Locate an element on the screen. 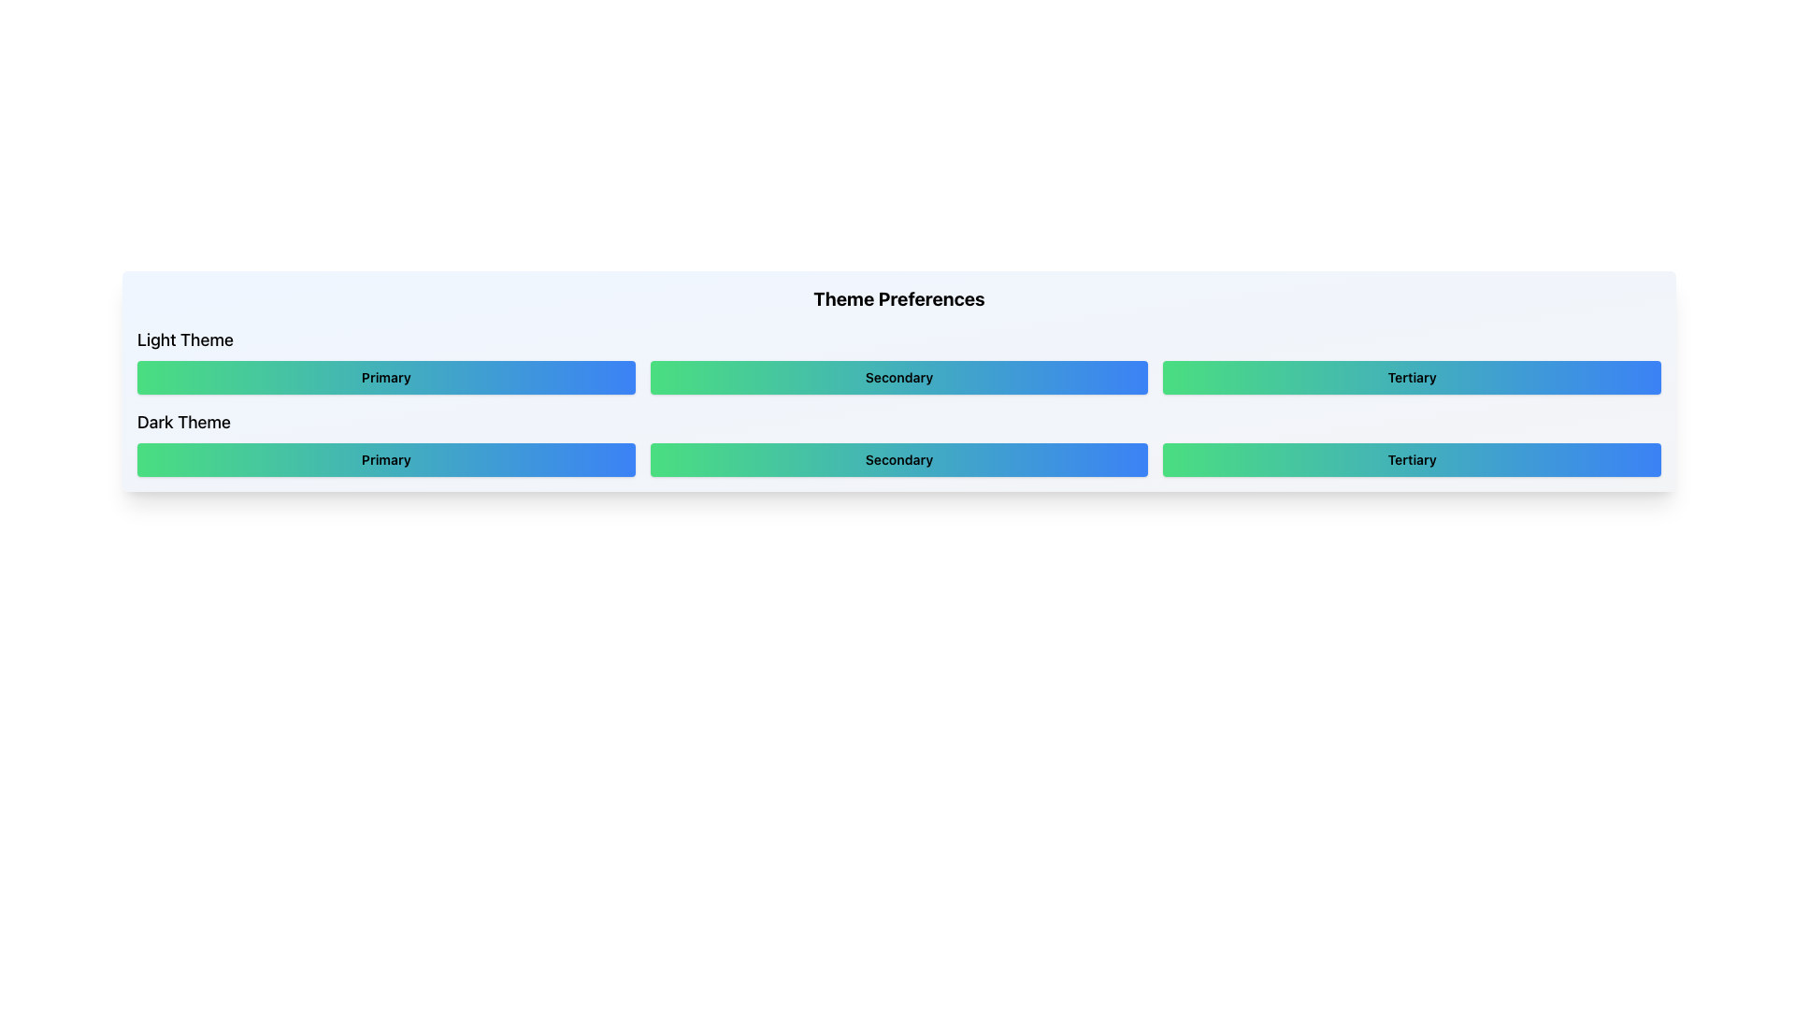 This screenshot has width=1795, height=1010. title text label displaying 'Theme Preferences' at the top center of the themed settings interface is located at coordinates (898, 298).